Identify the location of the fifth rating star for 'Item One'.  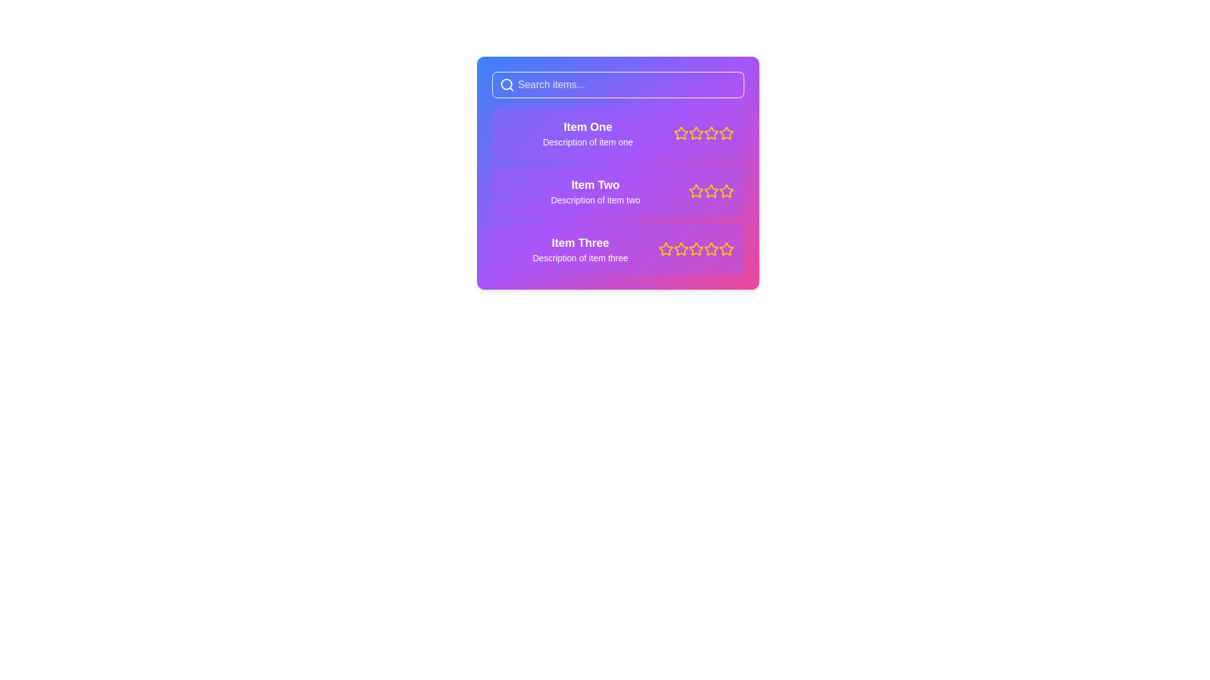
(726, 133).